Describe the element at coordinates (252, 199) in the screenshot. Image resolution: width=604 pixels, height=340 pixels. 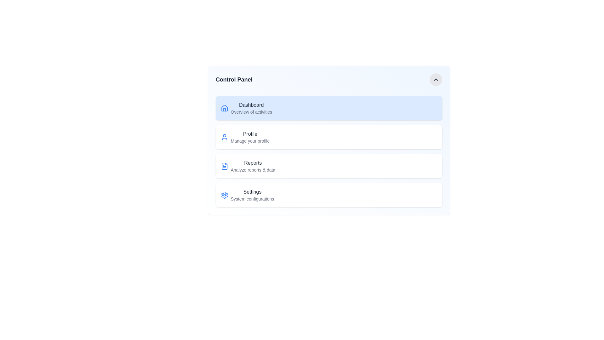
I see `the text label reading 'System configurations' which is styled in gray and located below the 'Settings' heading` at that location.